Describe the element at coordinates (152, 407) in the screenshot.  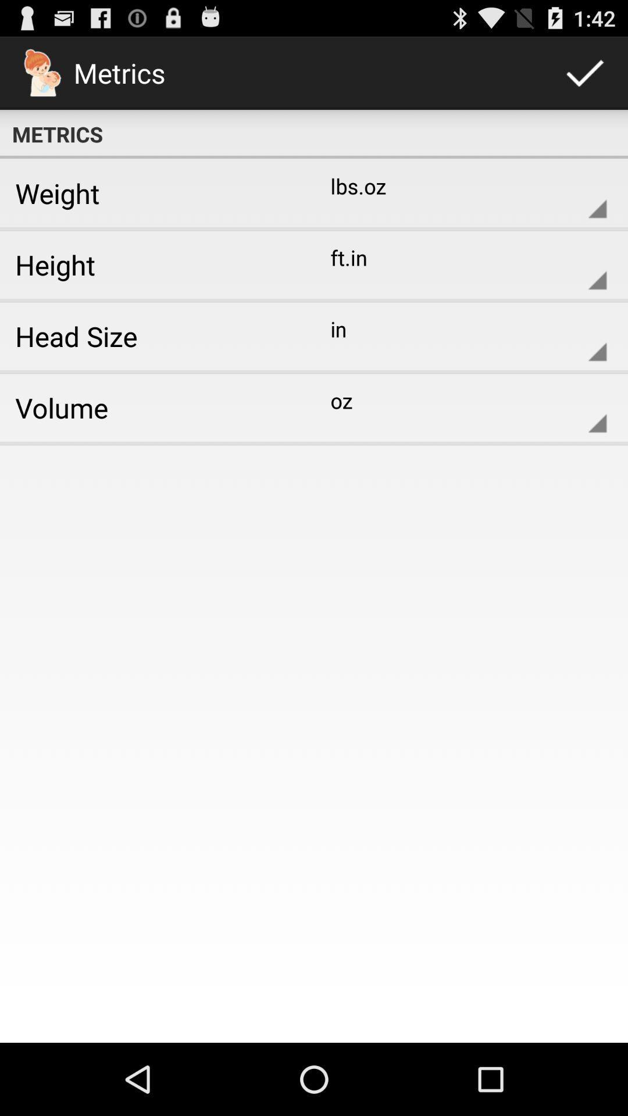
I see `the item next to oz app` at that location.